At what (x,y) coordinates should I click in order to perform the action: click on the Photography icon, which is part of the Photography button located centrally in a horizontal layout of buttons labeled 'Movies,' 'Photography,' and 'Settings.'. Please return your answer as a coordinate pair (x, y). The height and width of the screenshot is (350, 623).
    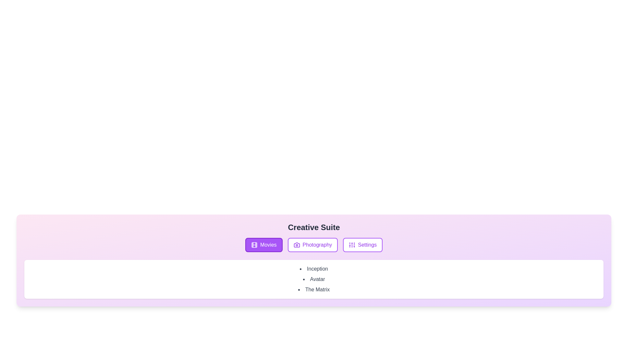
    Looking at the image, I should click on (296, 245).